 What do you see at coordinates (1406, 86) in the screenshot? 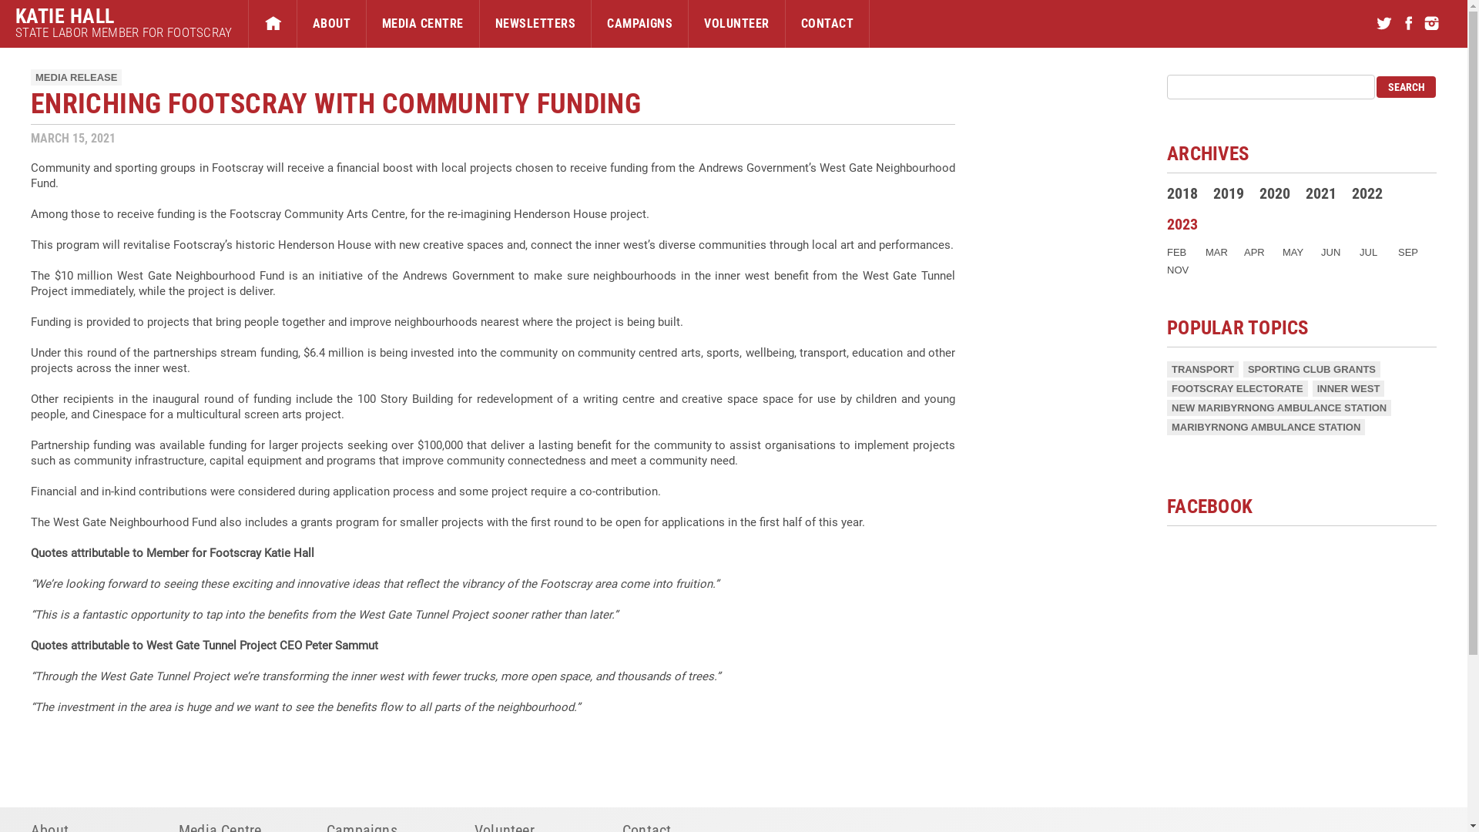
I see `'search'` at bounding box center [1406, 86].